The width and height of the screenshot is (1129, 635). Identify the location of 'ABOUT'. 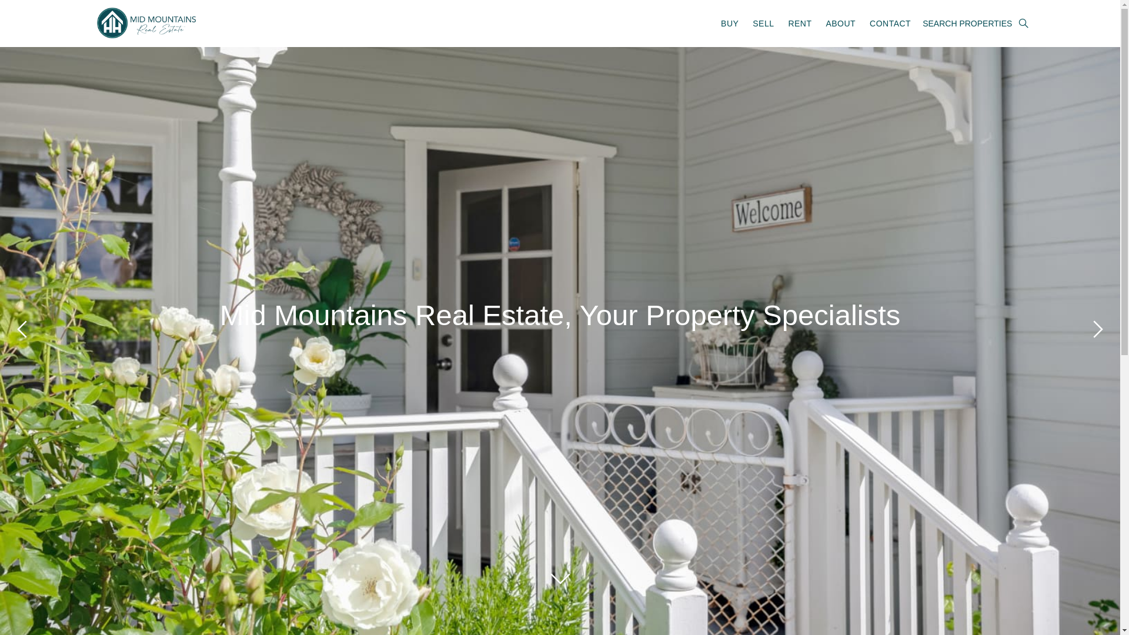
(819, 23).